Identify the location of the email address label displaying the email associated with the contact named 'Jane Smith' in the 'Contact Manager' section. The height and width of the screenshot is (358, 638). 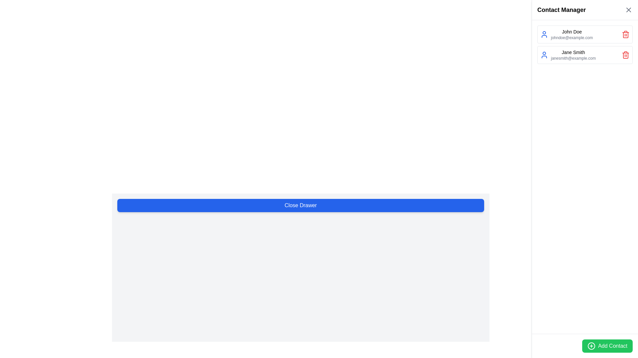
(573, 58).